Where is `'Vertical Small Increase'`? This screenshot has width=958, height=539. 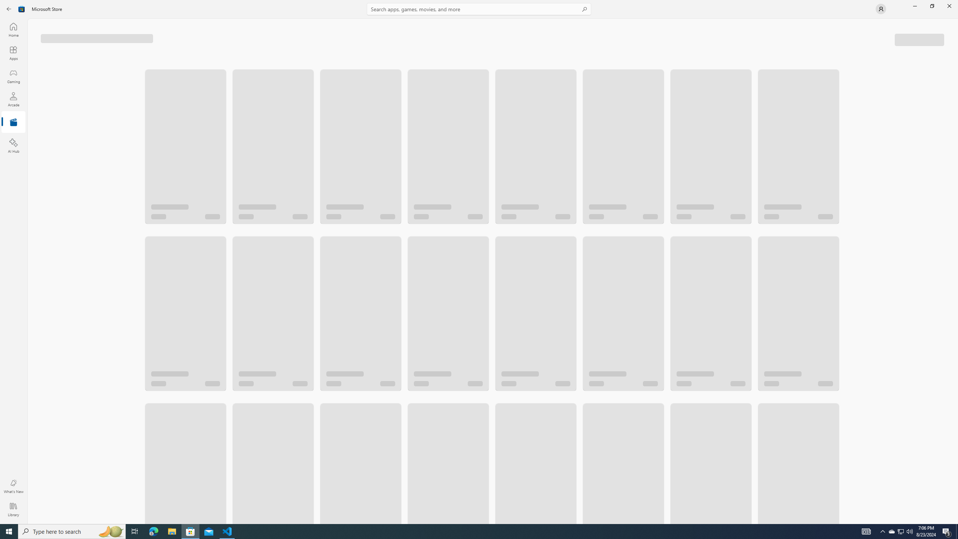
'Vertical Small Increase' is located at coordinates (955, 521).